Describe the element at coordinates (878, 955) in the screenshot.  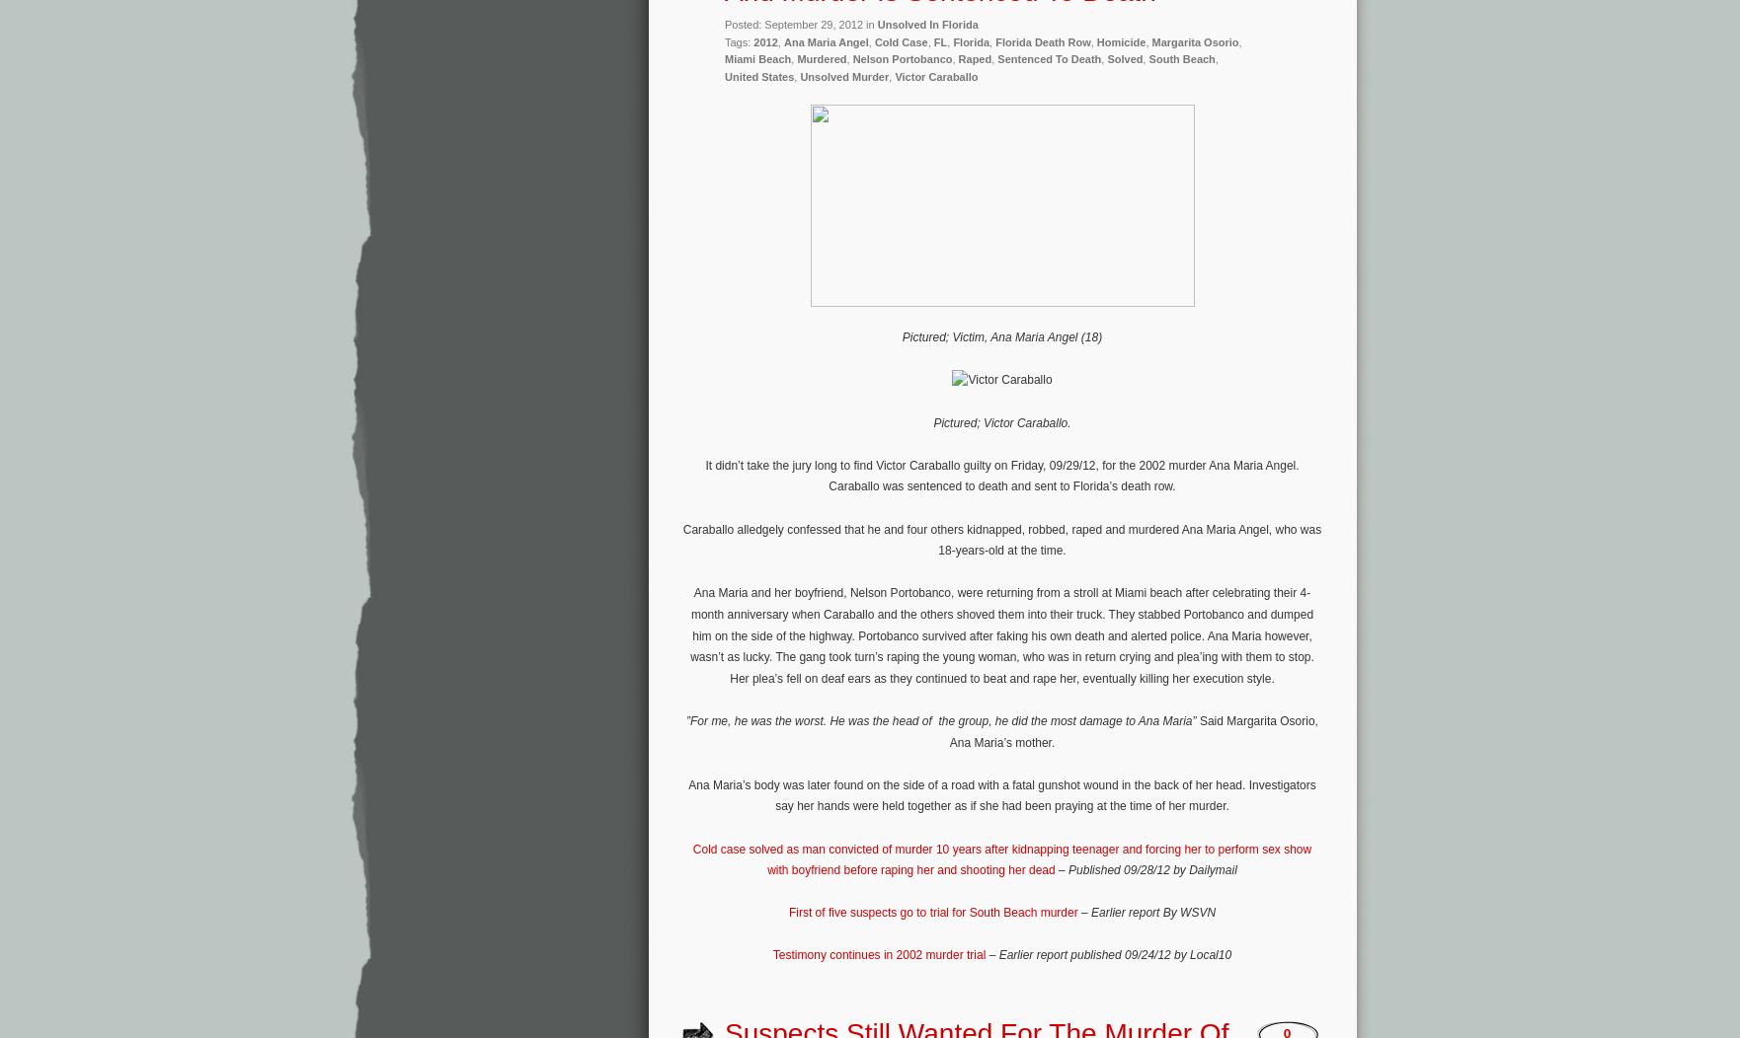
I see `'Testimony continues in 2002 murder trial'` at that location.